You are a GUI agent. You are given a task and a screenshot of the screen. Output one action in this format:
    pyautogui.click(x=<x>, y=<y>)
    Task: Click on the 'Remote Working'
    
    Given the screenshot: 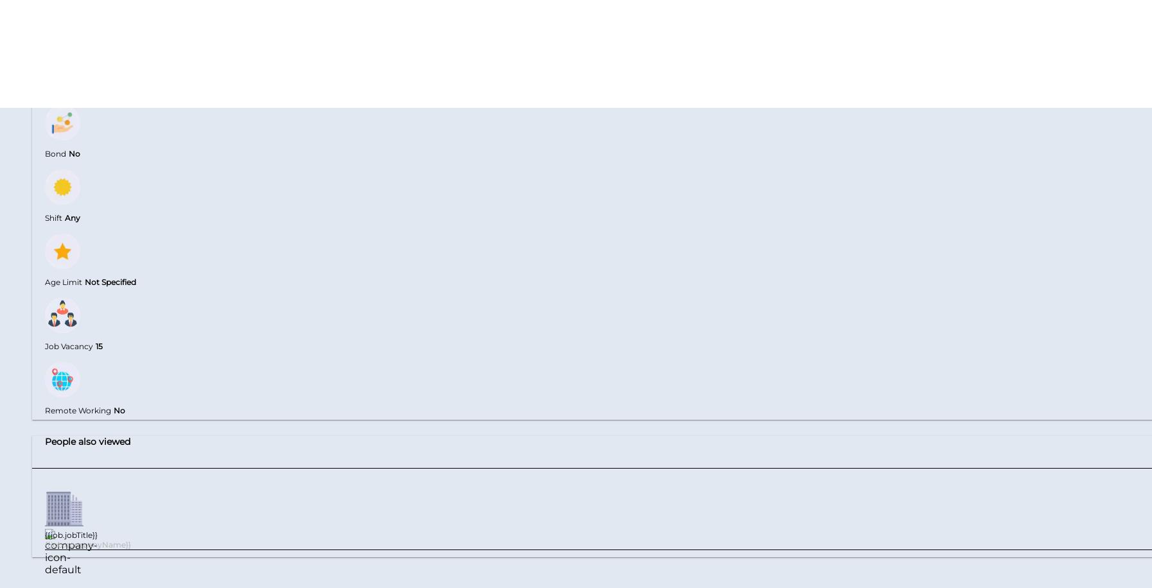 What is the action you would take?
    pyautogui.click(x=77, y=409)
    